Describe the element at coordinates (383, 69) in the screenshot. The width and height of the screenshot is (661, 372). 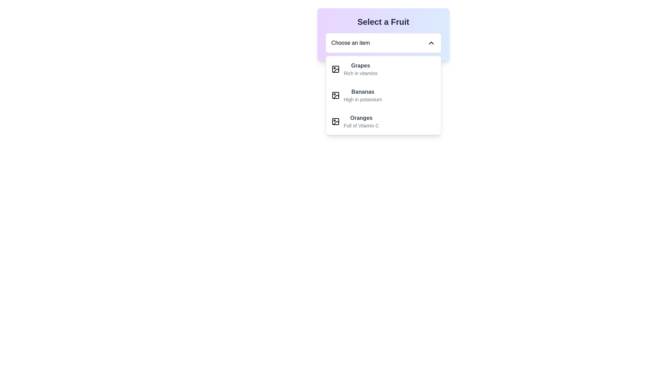
I see `the first item` at that location.